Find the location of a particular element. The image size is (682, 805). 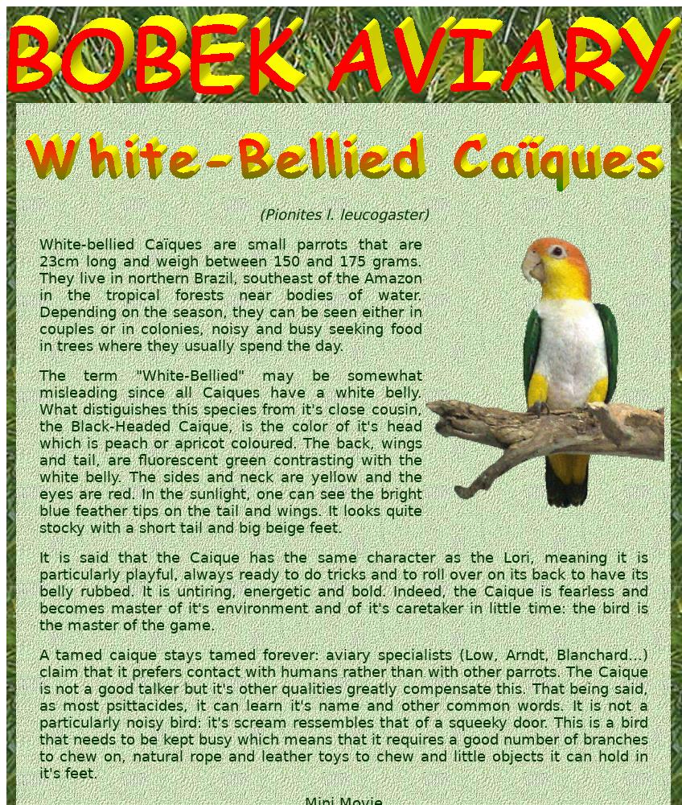

'one' is located at coordinates (268, 493).